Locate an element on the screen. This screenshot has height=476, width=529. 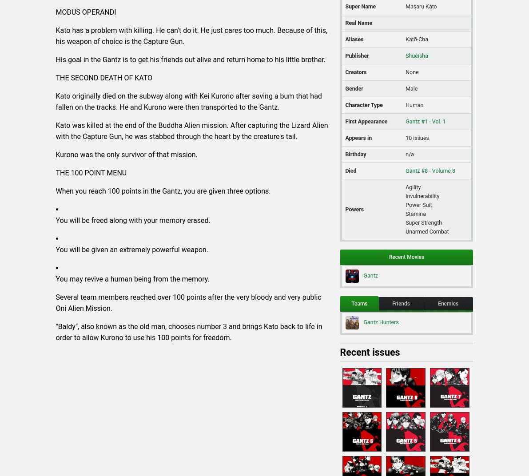
'Kato was killed at the end of the Buddha Alien mission. After capturing the Lizard Alien with the Capture Gun, he was stabbed through the heart by the creature's tail.' is located at coordinates (191, 130).